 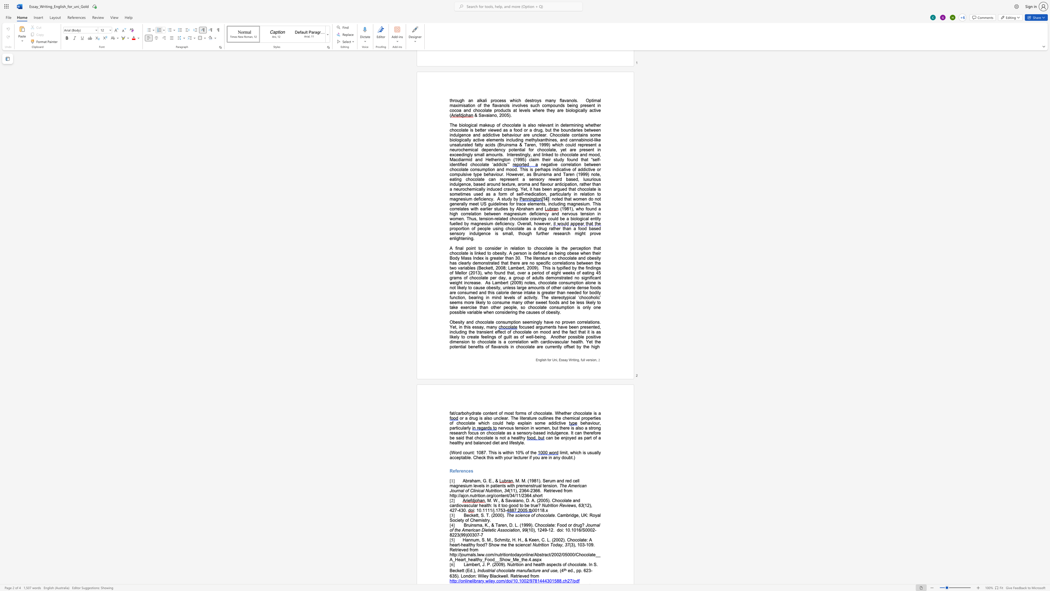 I want to click on the space between the continuous character "i" and "e" in the text, so click(x=568, y=505).